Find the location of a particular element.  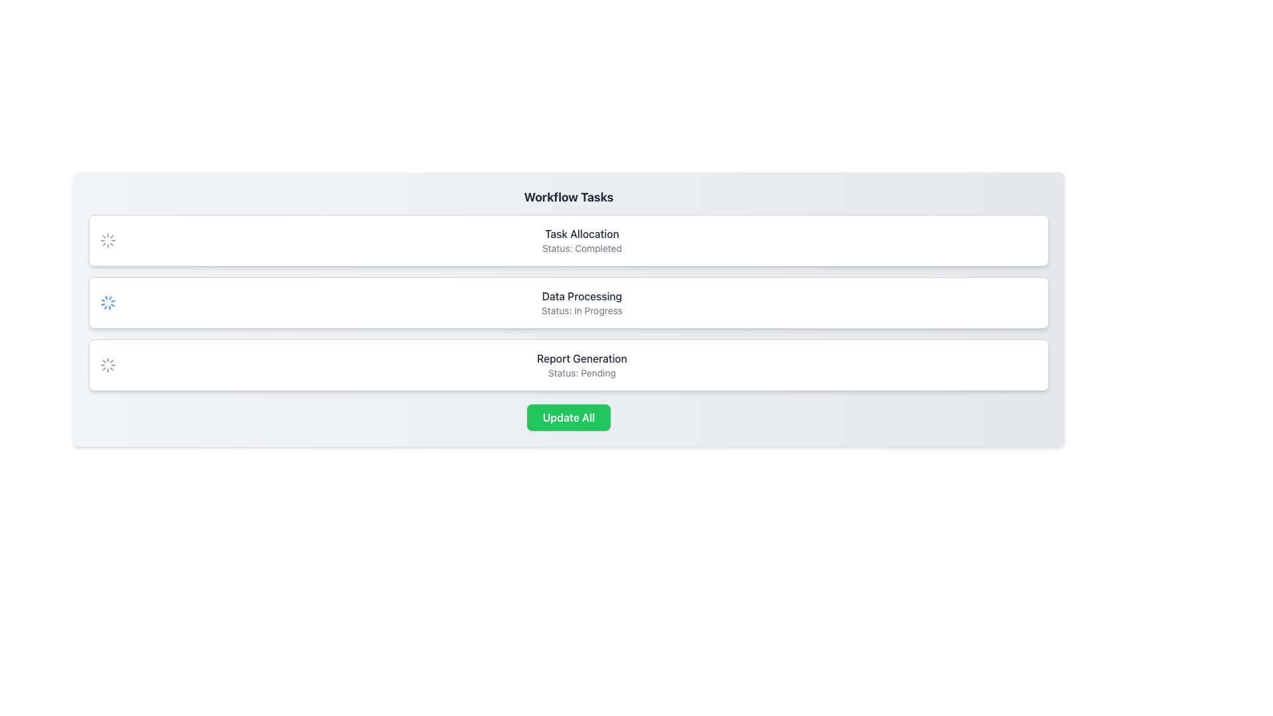

the first card under the 'Workflow Tasks' header, which displays 'Task Allocation' in a larger dark font and 'Status: Completed' in smaller light text is located at coordinates (569, 240).